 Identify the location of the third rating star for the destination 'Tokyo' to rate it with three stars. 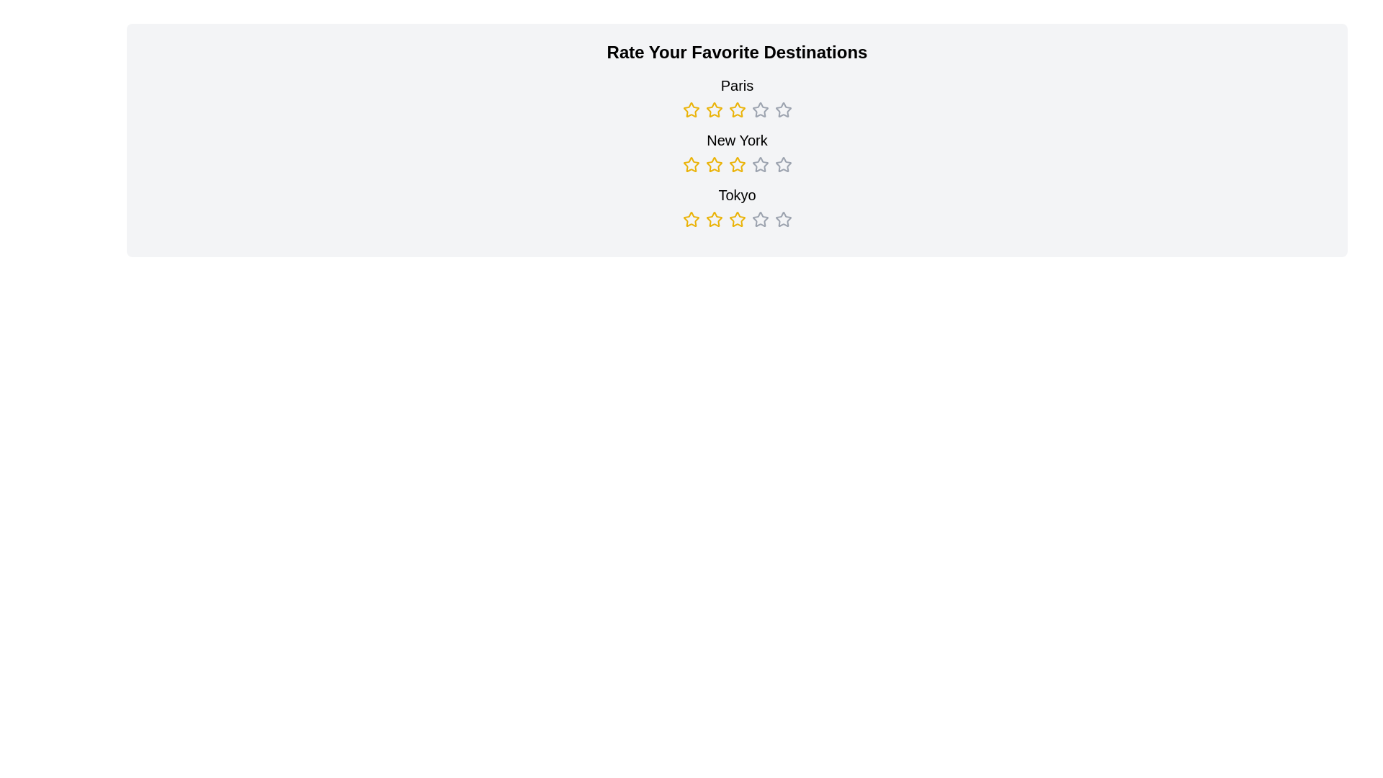
(714, 219).